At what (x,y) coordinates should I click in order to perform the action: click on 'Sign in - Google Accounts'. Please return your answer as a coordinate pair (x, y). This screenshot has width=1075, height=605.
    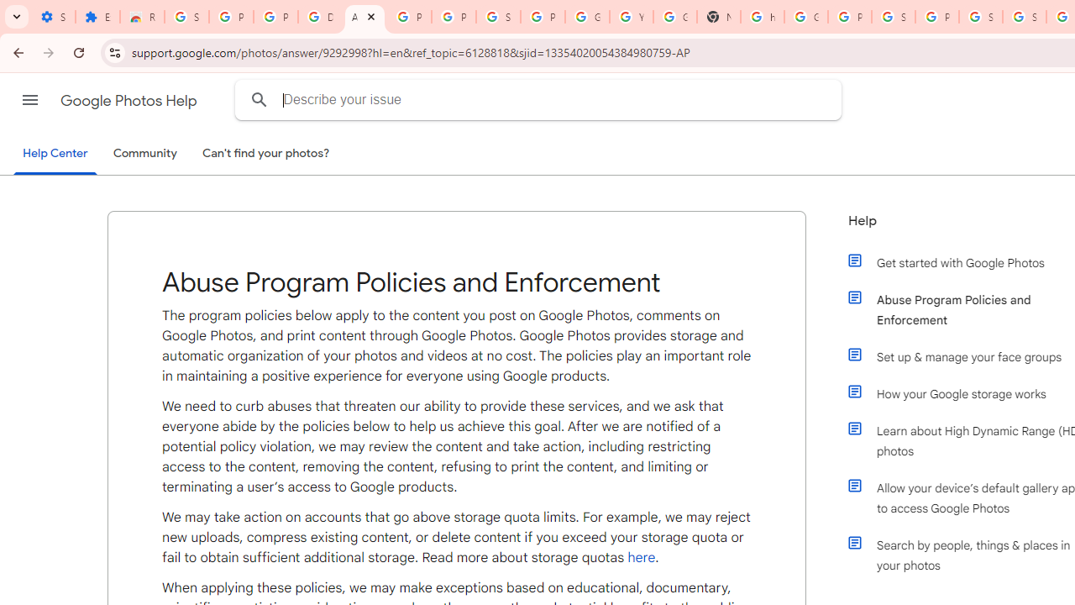
    Looking at the image, I should click on (981, 17).